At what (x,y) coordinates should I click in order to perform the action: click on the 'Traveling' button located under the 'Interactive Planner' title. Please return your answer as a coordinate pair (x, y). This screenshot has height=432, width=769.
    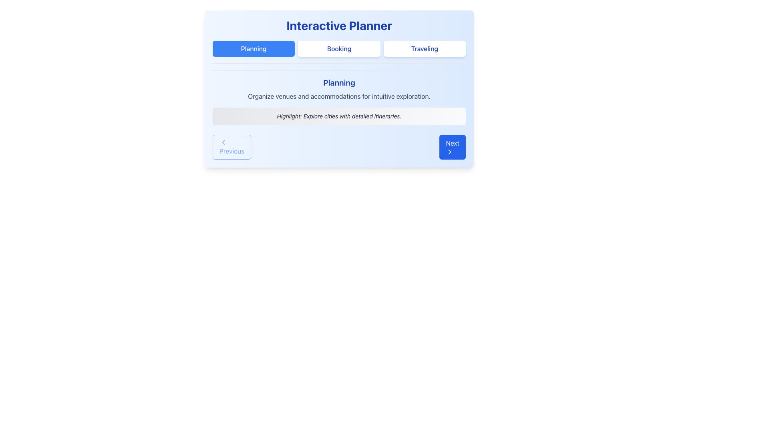
    Looking at the image, I should click on (424, 49).